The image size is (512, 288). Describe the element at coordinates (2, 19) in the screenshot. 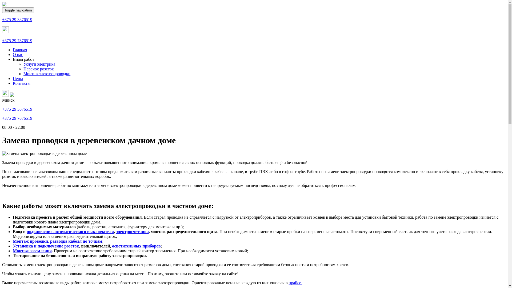

I see `'+375 29 3876519'` at that location.